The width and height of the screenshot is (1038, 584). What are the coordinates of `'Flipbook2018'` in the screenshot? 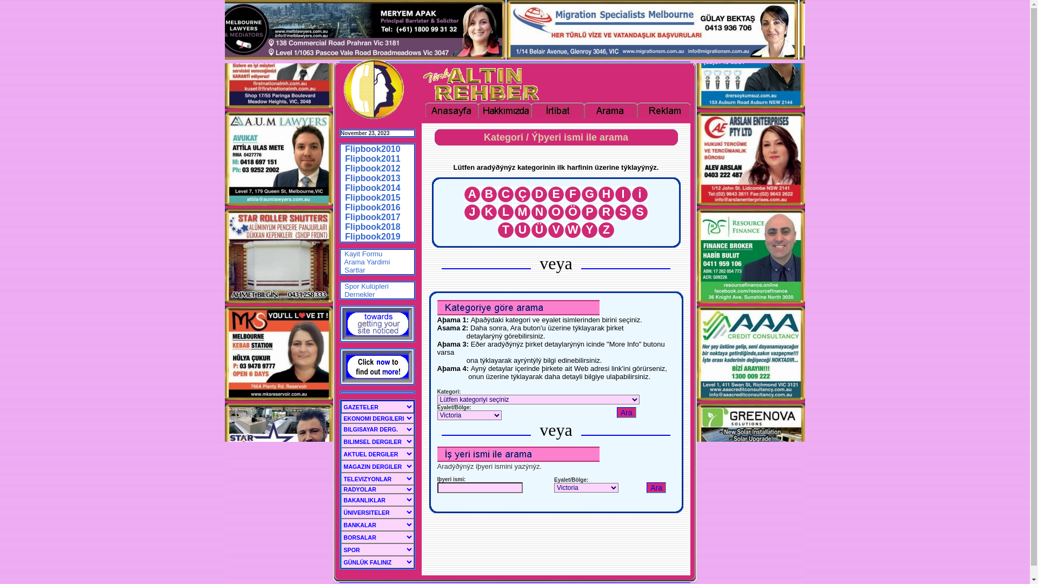 It's located at (372, 226).